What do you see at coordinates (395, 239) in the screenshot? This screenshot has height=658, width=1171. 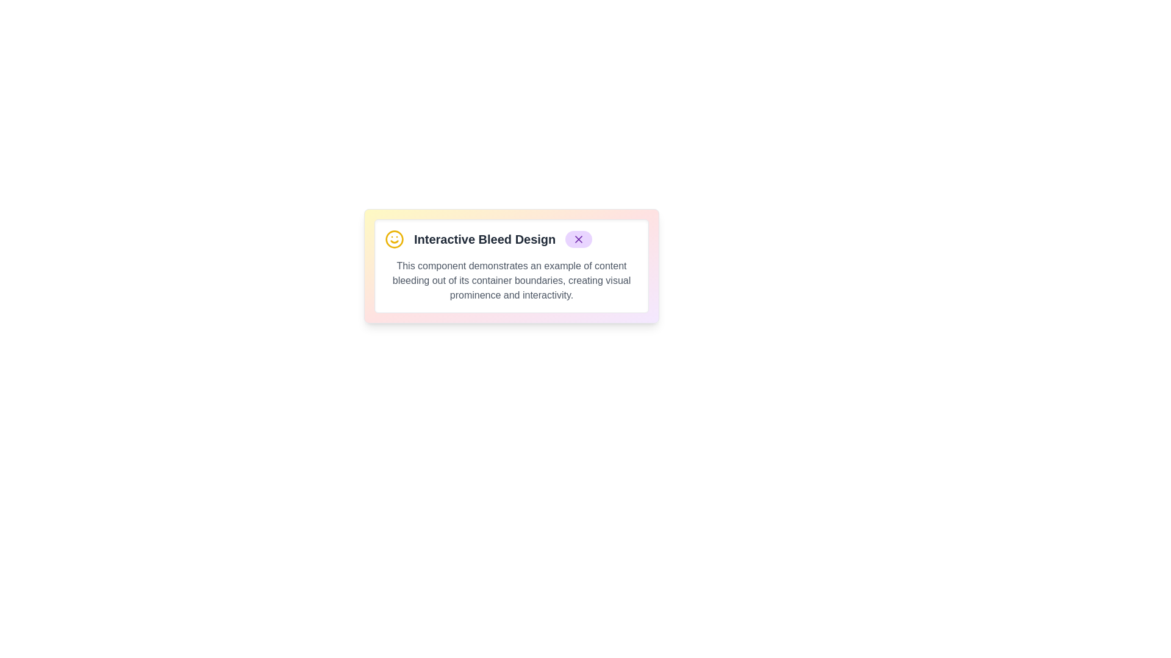 I see `the SVG Circle that outlines the smiley face icon located at the center of the smiley face in the top-left corner of the card` at bounding box center [395, 239].